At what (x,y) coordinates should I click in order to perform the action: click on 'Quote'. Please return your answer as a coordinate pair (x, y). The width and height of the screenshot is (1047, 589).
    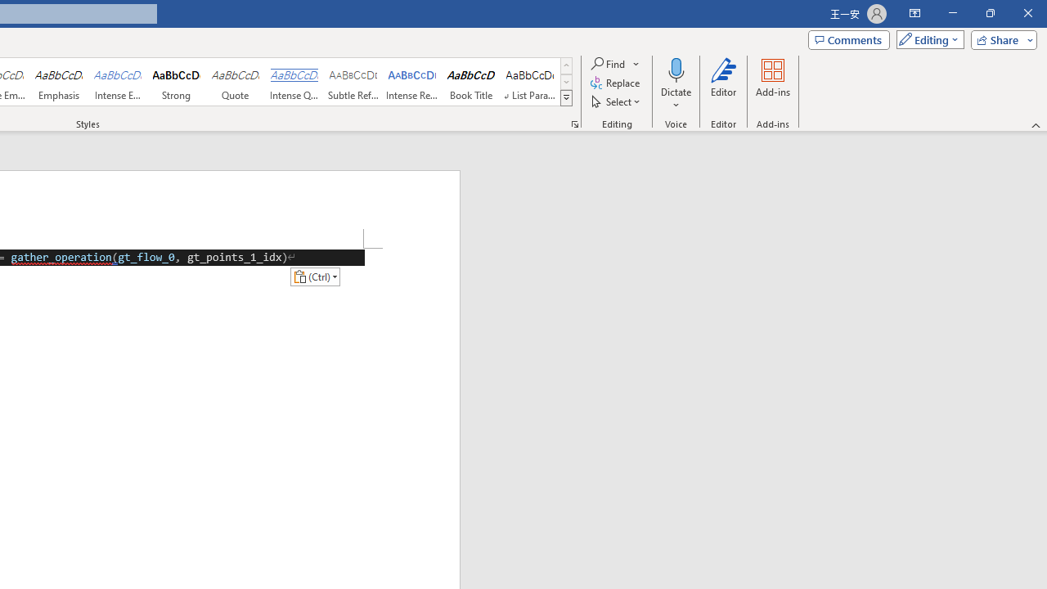
    Looking at the image, I should click on (235, 82).